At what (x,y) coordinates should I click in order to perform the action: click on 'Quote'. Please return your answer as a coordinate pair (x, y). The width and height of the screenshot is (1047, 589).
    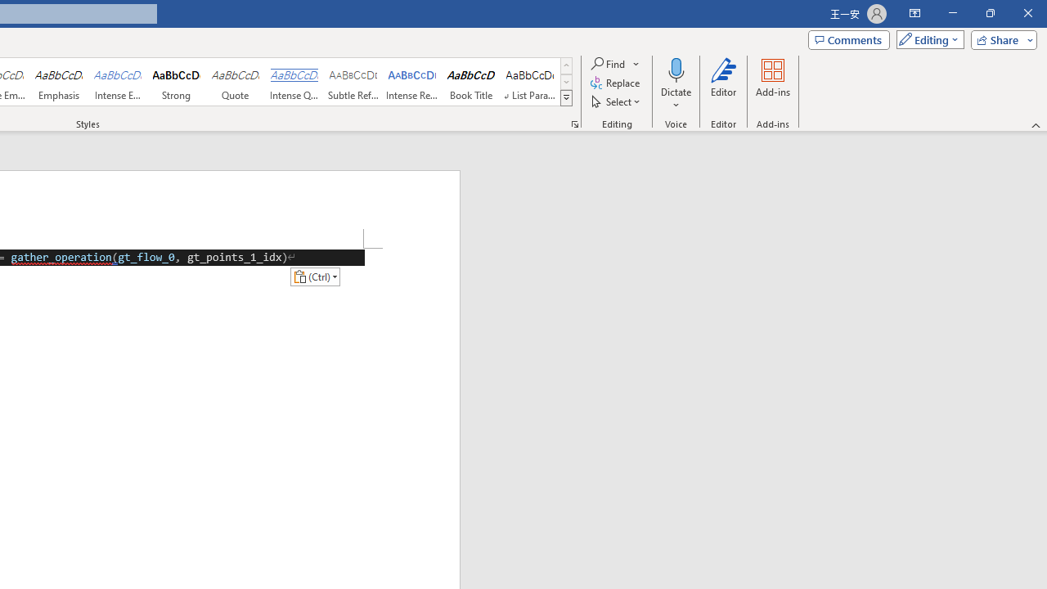
    Looking at the image, I should click on (235, 82).